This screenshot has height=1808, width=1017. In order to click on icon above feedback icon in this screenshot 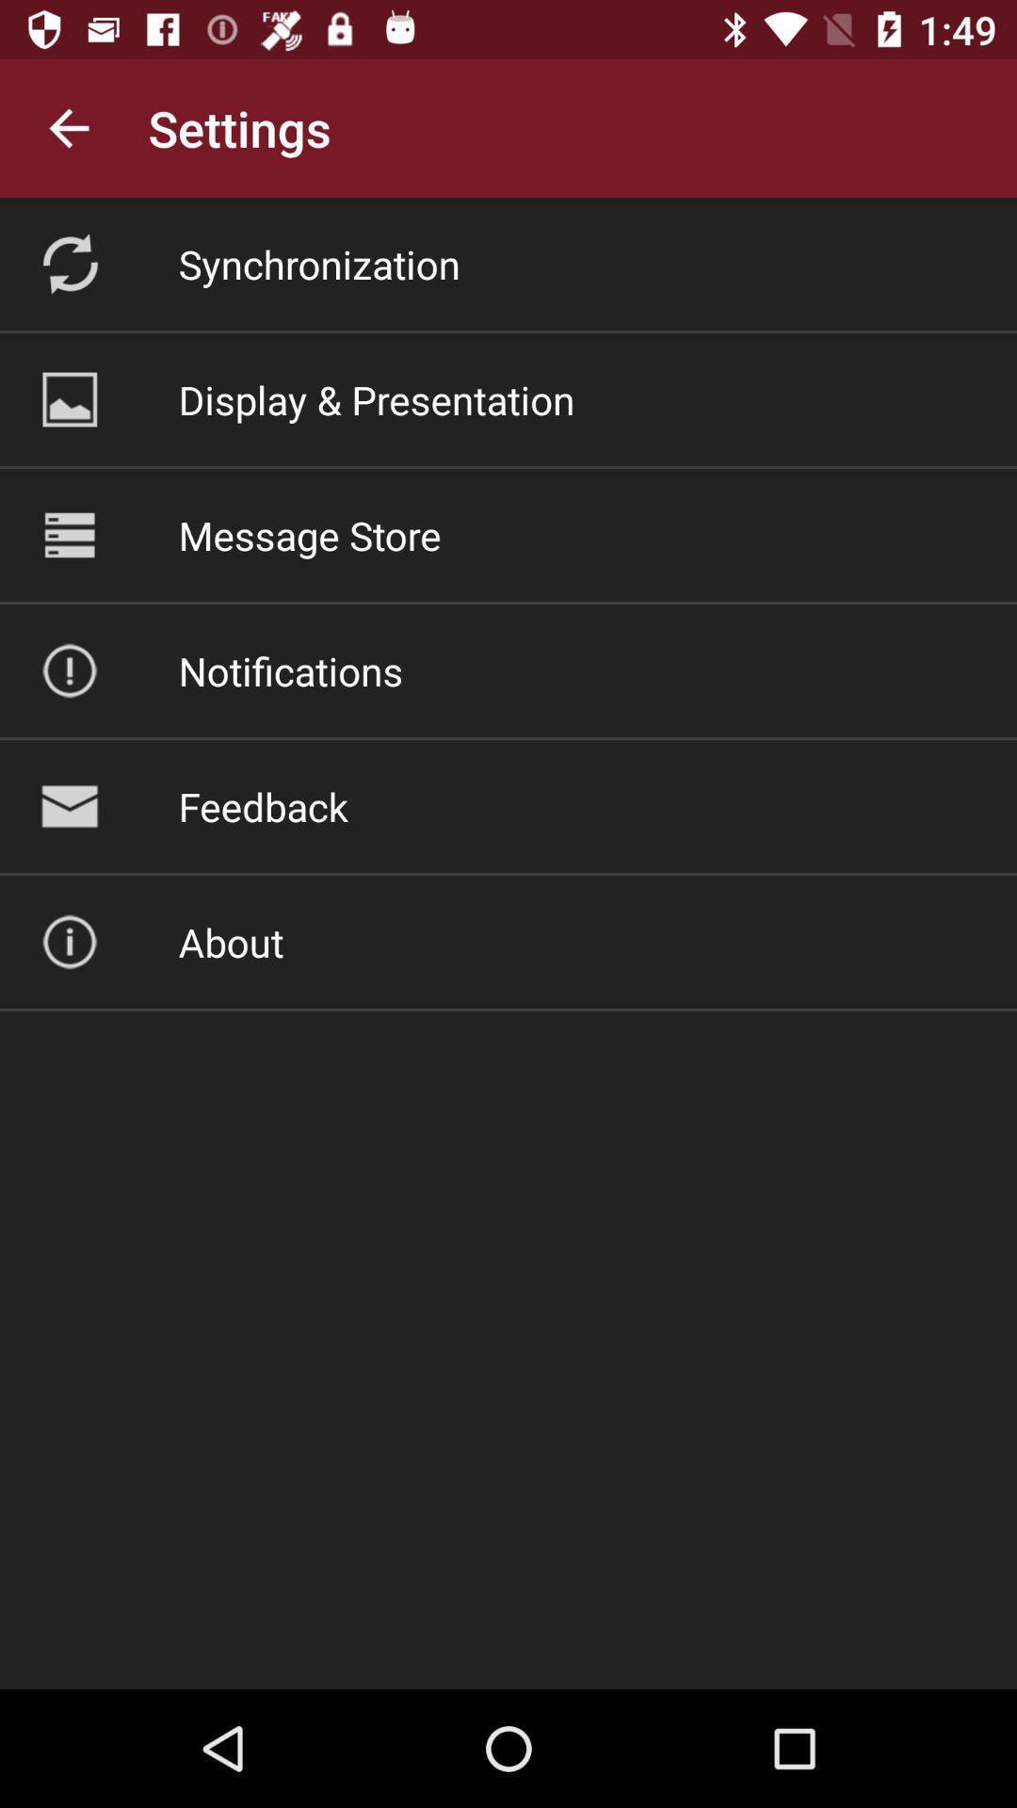, I will do `click(290, 670)`.